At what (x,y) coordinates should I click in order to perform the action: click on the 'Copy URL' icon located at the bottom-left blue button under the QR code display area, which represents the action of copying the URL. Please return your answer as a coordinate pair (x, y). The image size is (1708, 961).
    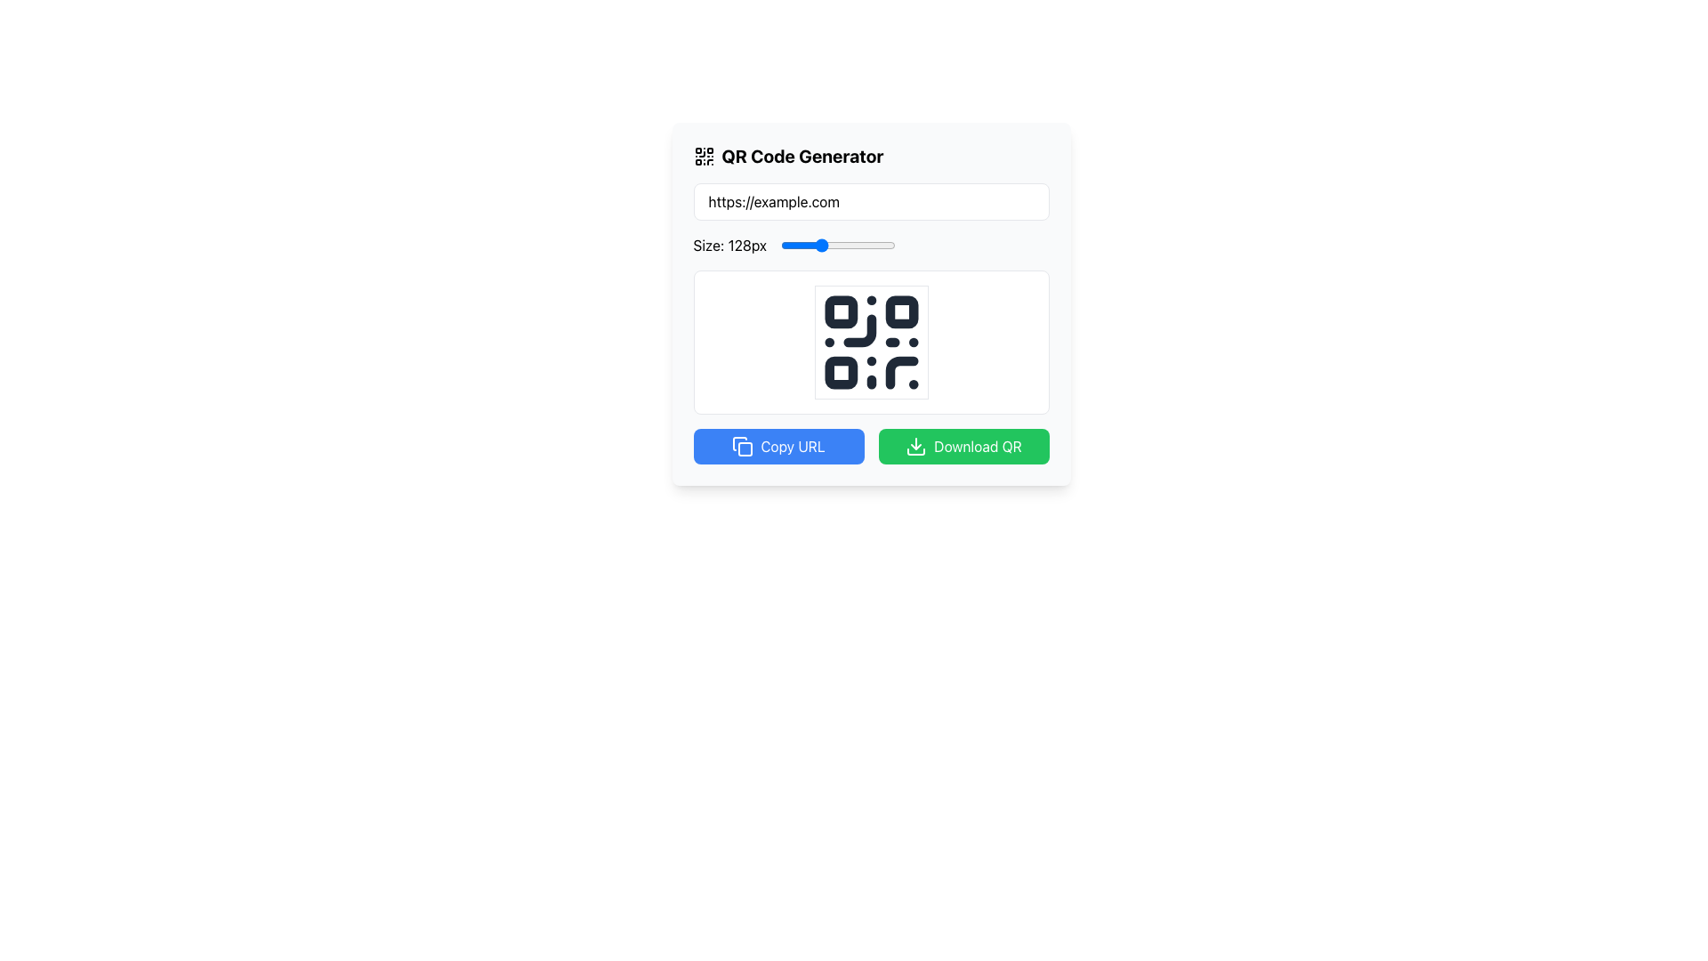
    Looking at the image, I should click on (743, 445).